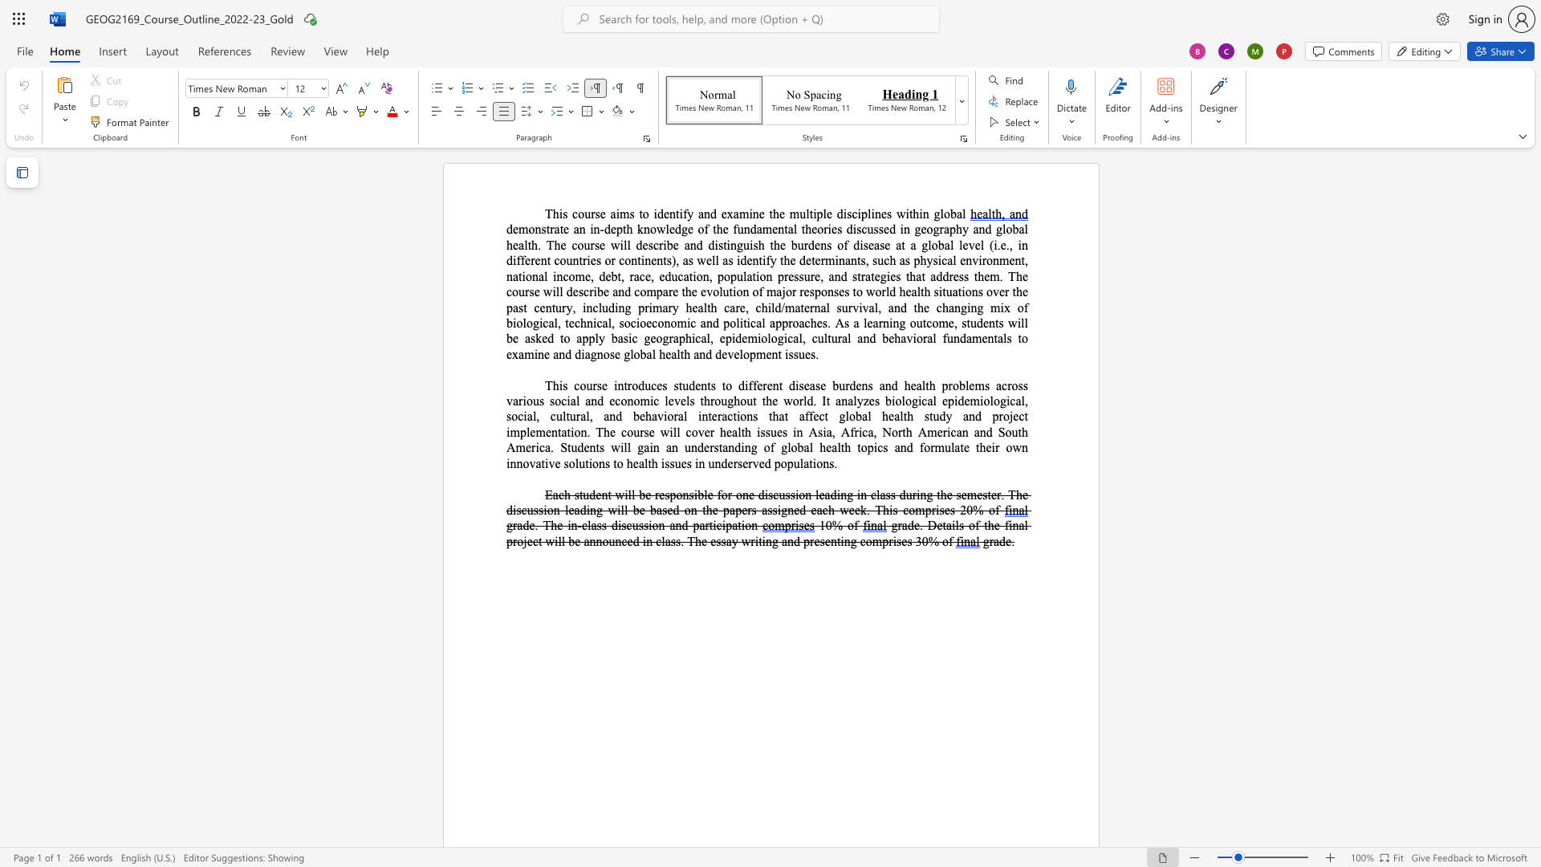 Image resolution: width=1541 pixels, height=867 pixels. I want to click on the space between the continuous character "l" and "l" in the text, so click(714, 259).